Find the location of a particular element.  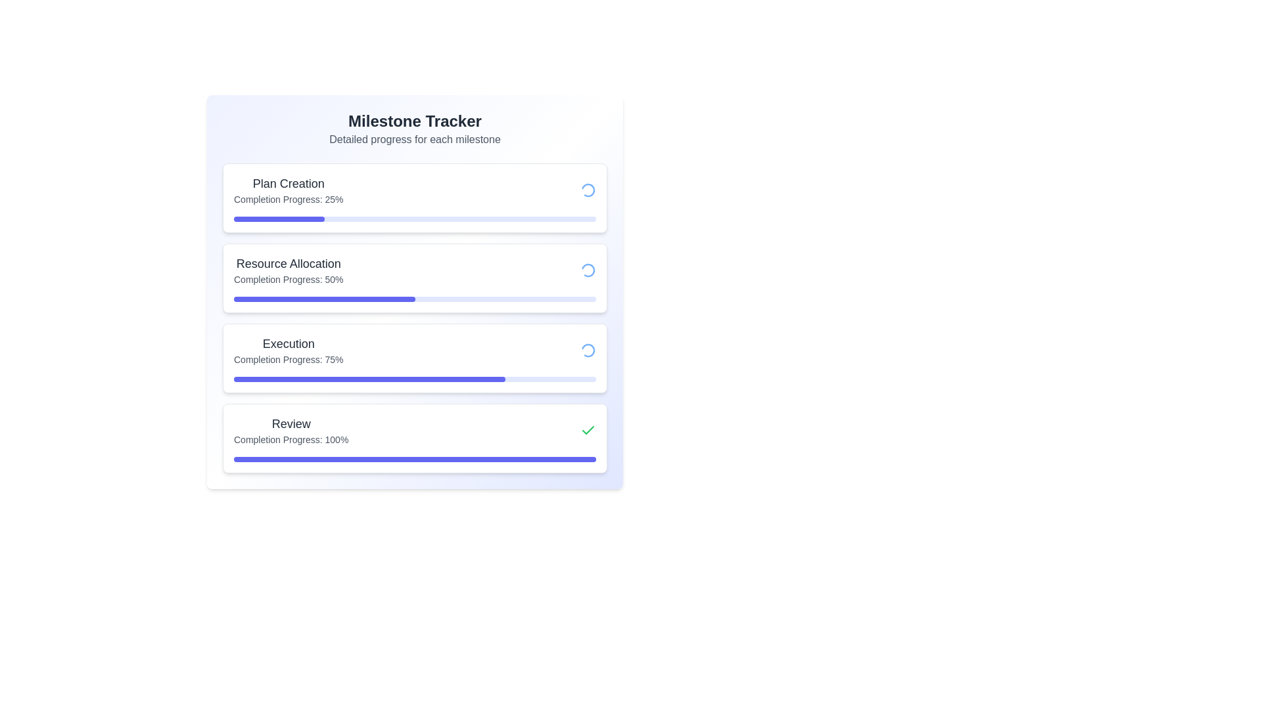

the Text Display element that shows the title 'Review' and indicates 100% completion progress, located in the fourth section of the vertical milestone tracker list is located at coordinates (291, 430).